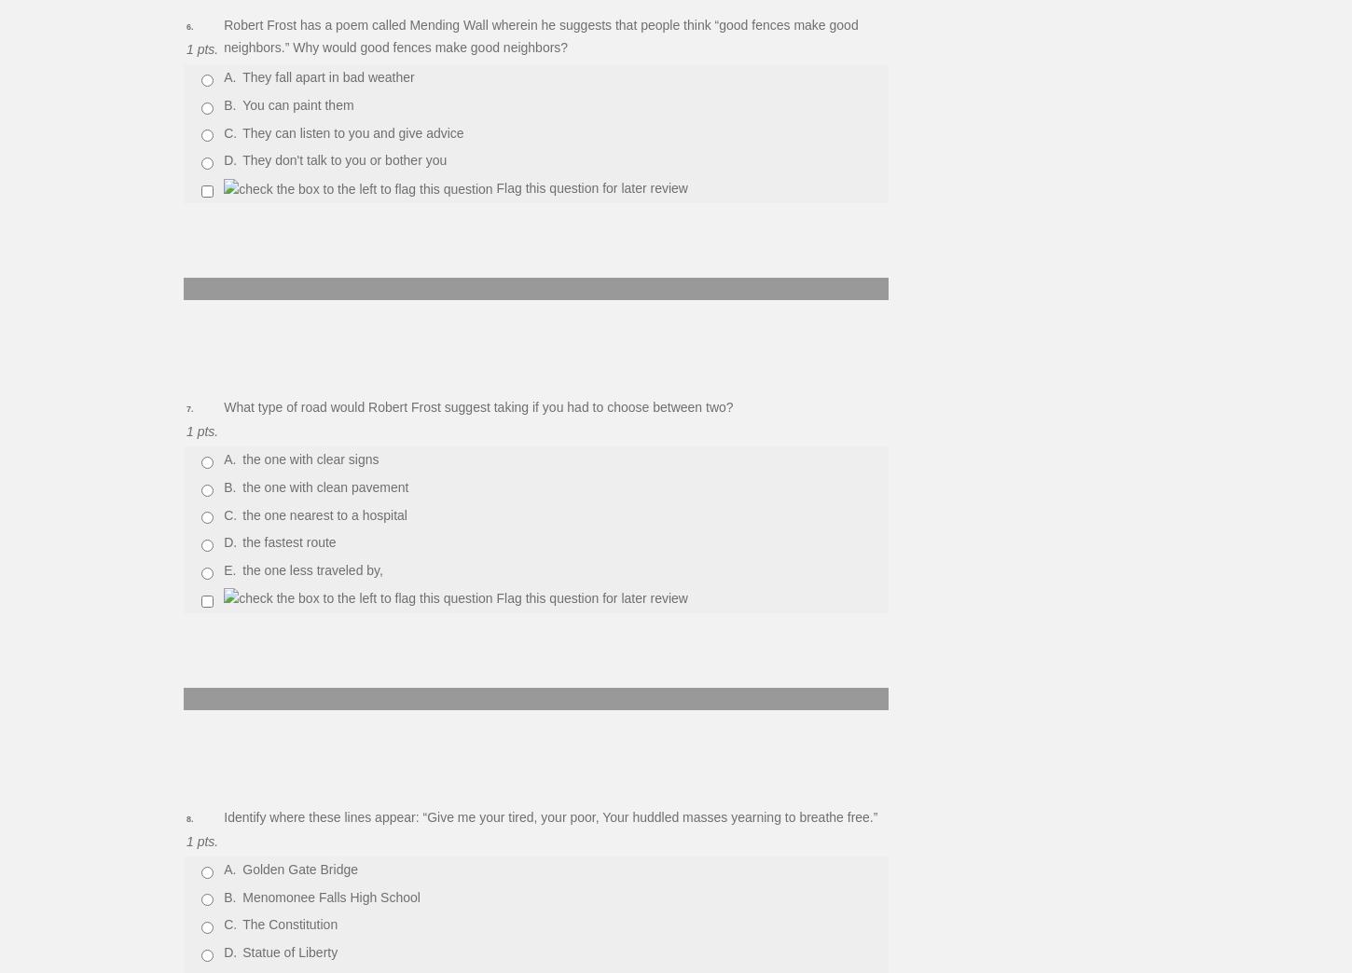 Image resolution: width=1352 pixels, height=973 pixels. I want to click on 'Golden Gate Bridge', so click(300, 867).